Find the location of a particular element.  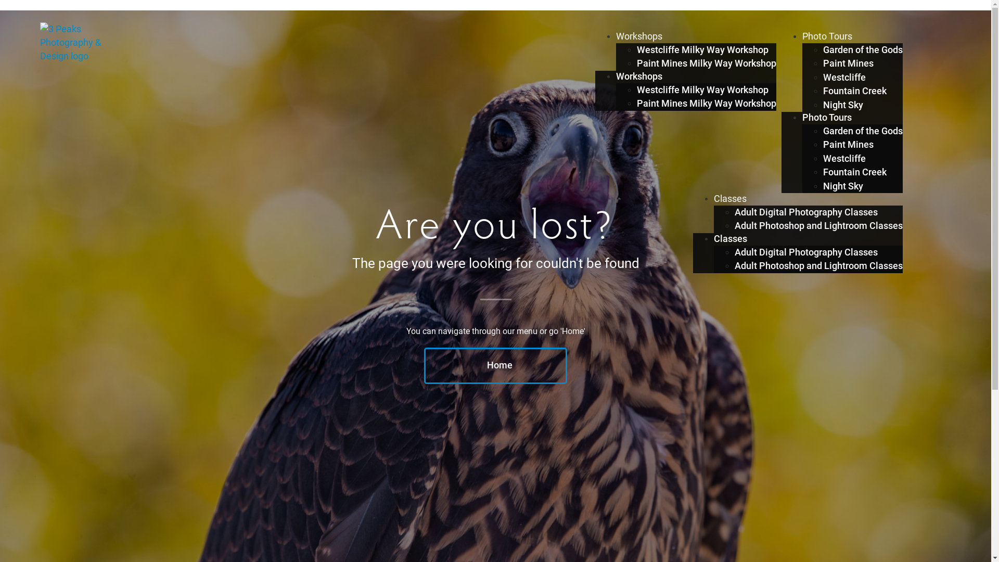

'Paint Mines Milky Way Workshop' is located at coordinates (707, 104).